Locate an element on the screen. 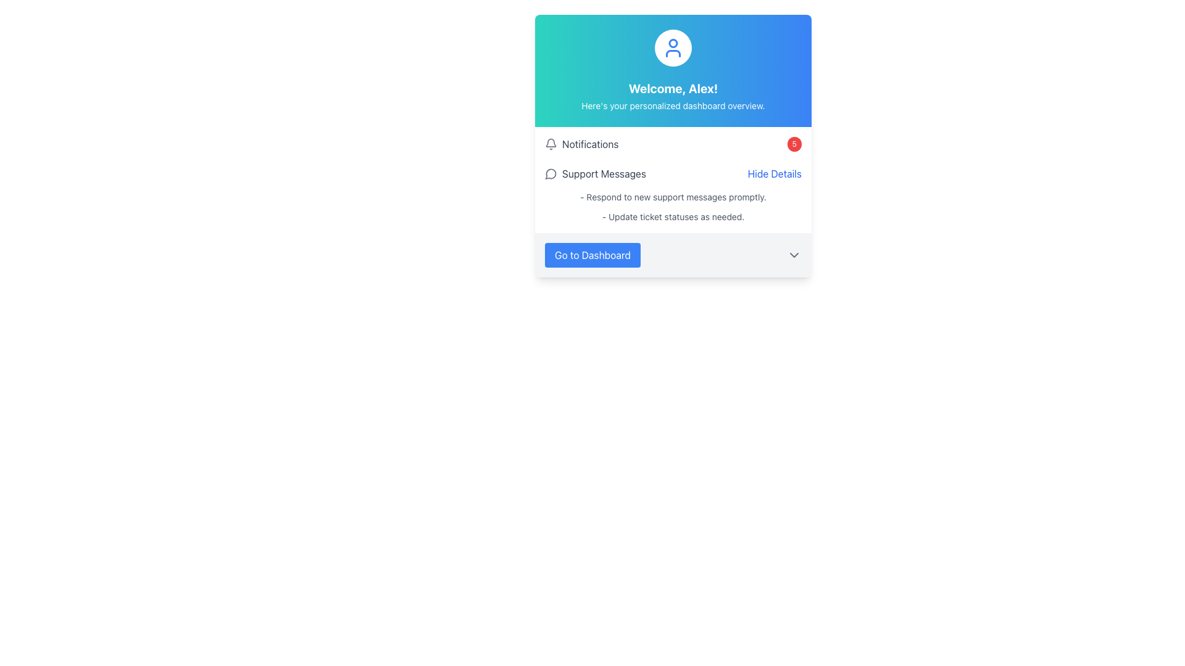  the bell-shaped notification icon located adjacent to the 'Notifications' text in the notification card is located at coordinates (550, 142).